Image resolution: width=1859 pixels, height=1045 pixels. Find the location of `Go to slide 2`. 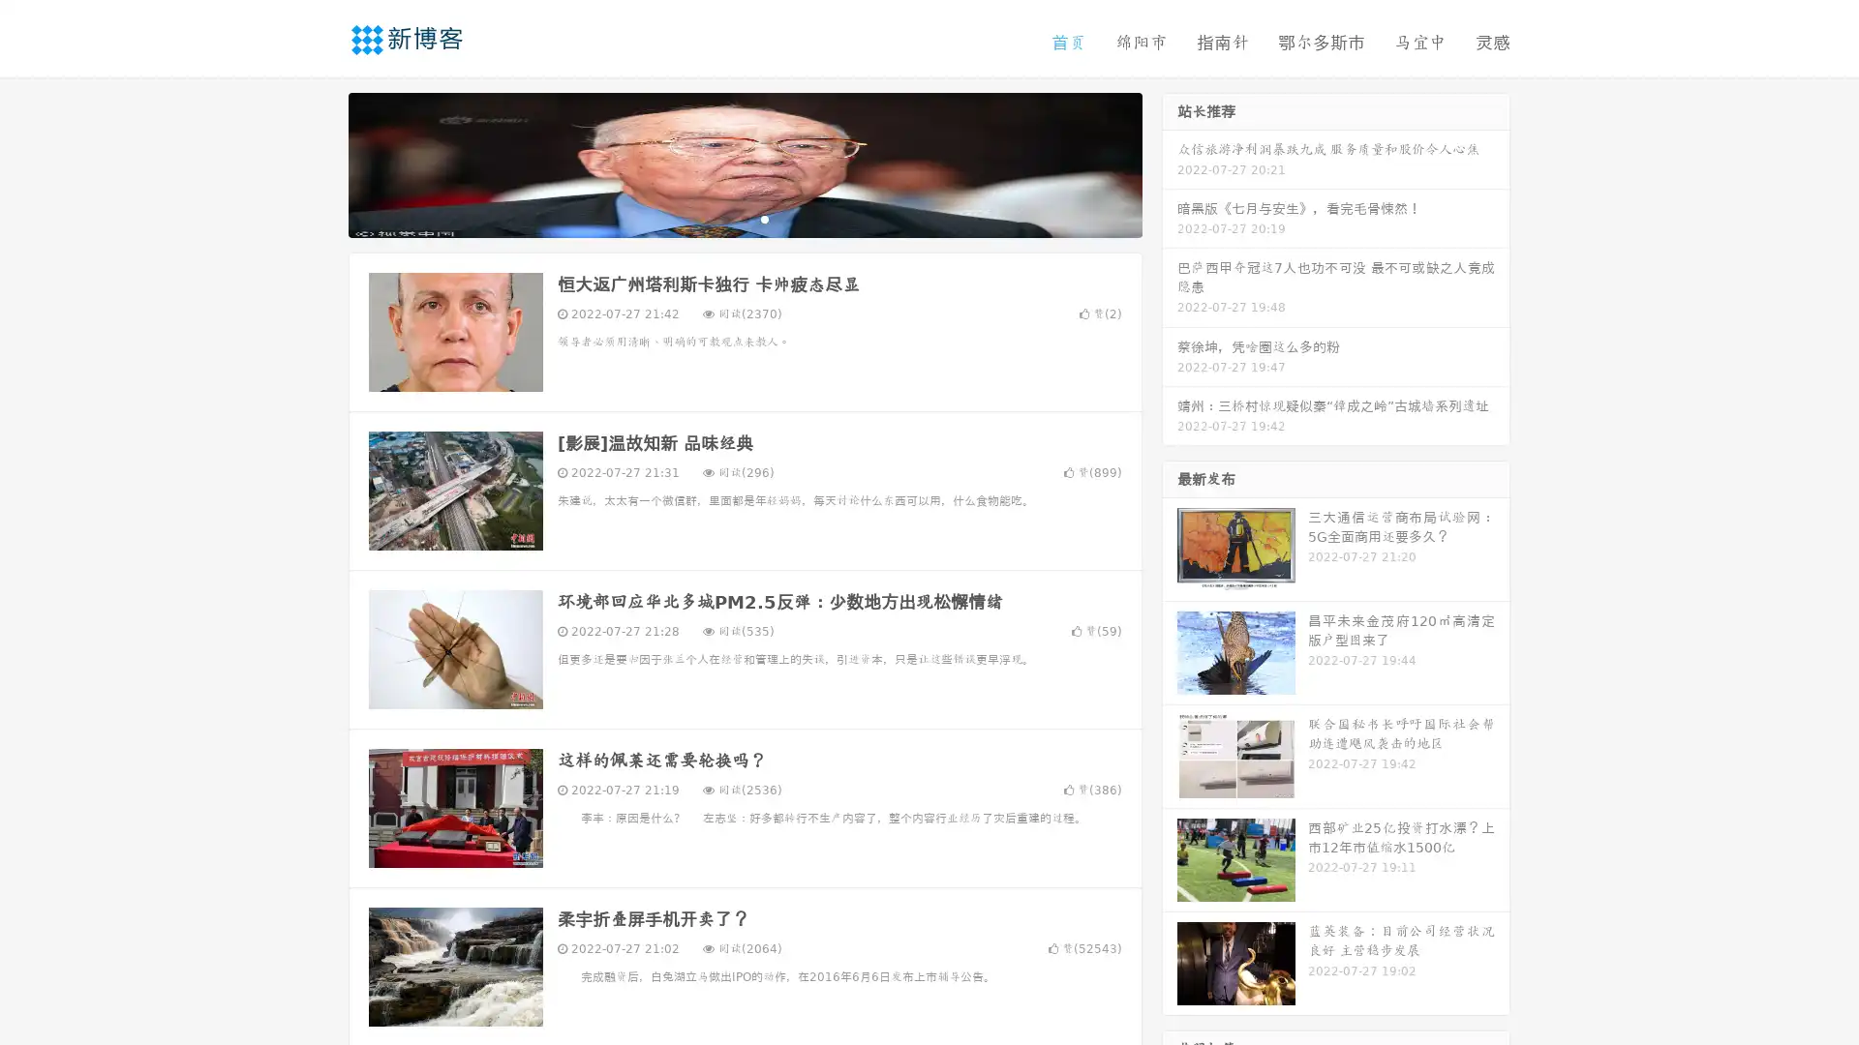

Go to slide 2 is located at coordinates (744, 218).